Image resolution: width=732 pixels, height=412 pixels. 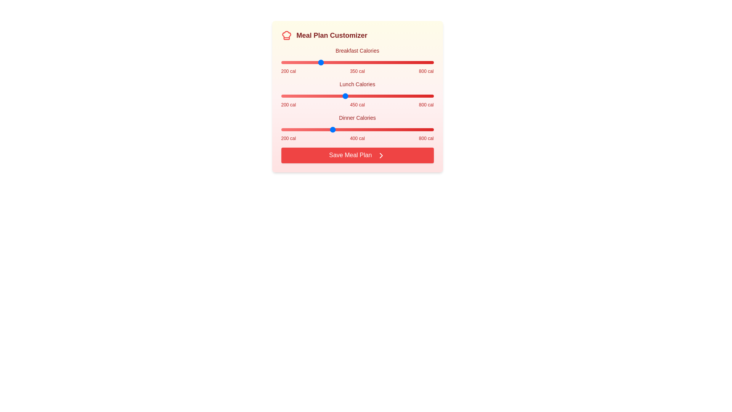 I want to click on the Dinner calorie slider to 733 calories, so click(x=416, y=129).